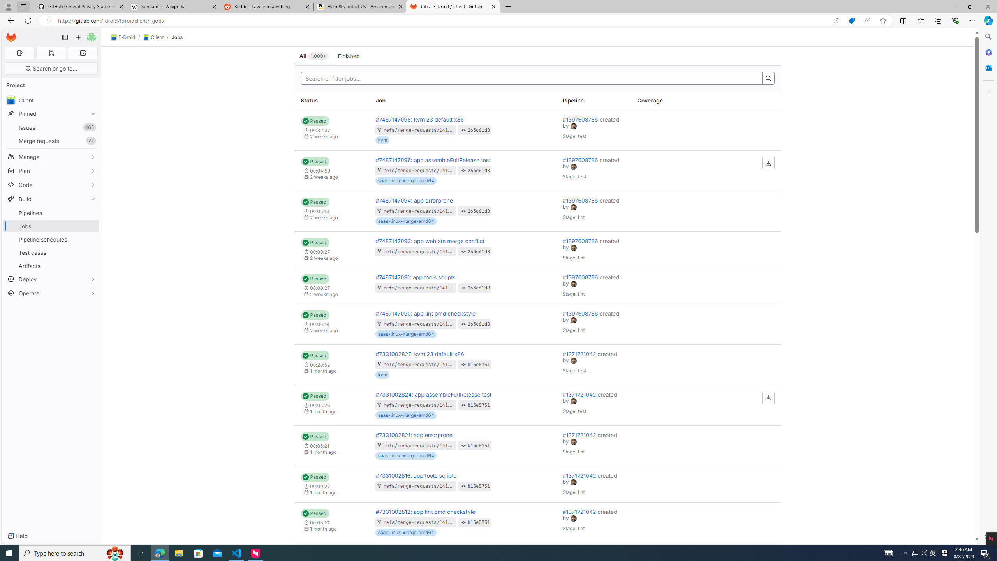 Image resolution: width=997 pixels, height=561 pixels. What do you see at coordinates (331, 364) in the screenshot?
I see `'Status: Passed 00:20:52 1 month ago'` at bounding box center [331, 364].